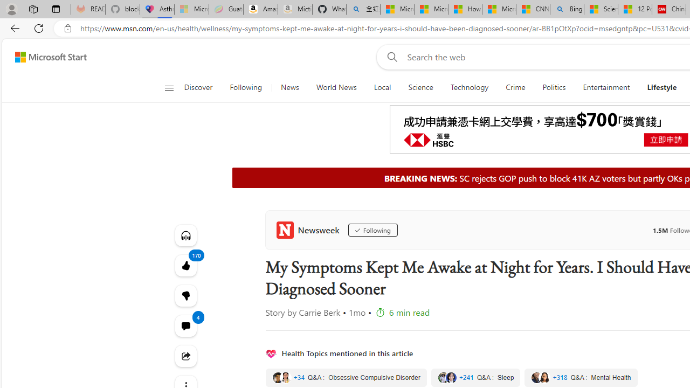 The image size is (690, 388). What do you see at coordinates (544, 377) in the screenshot?
I see `'Class: quote-thumbnail'` at bounding box center [544, 377].